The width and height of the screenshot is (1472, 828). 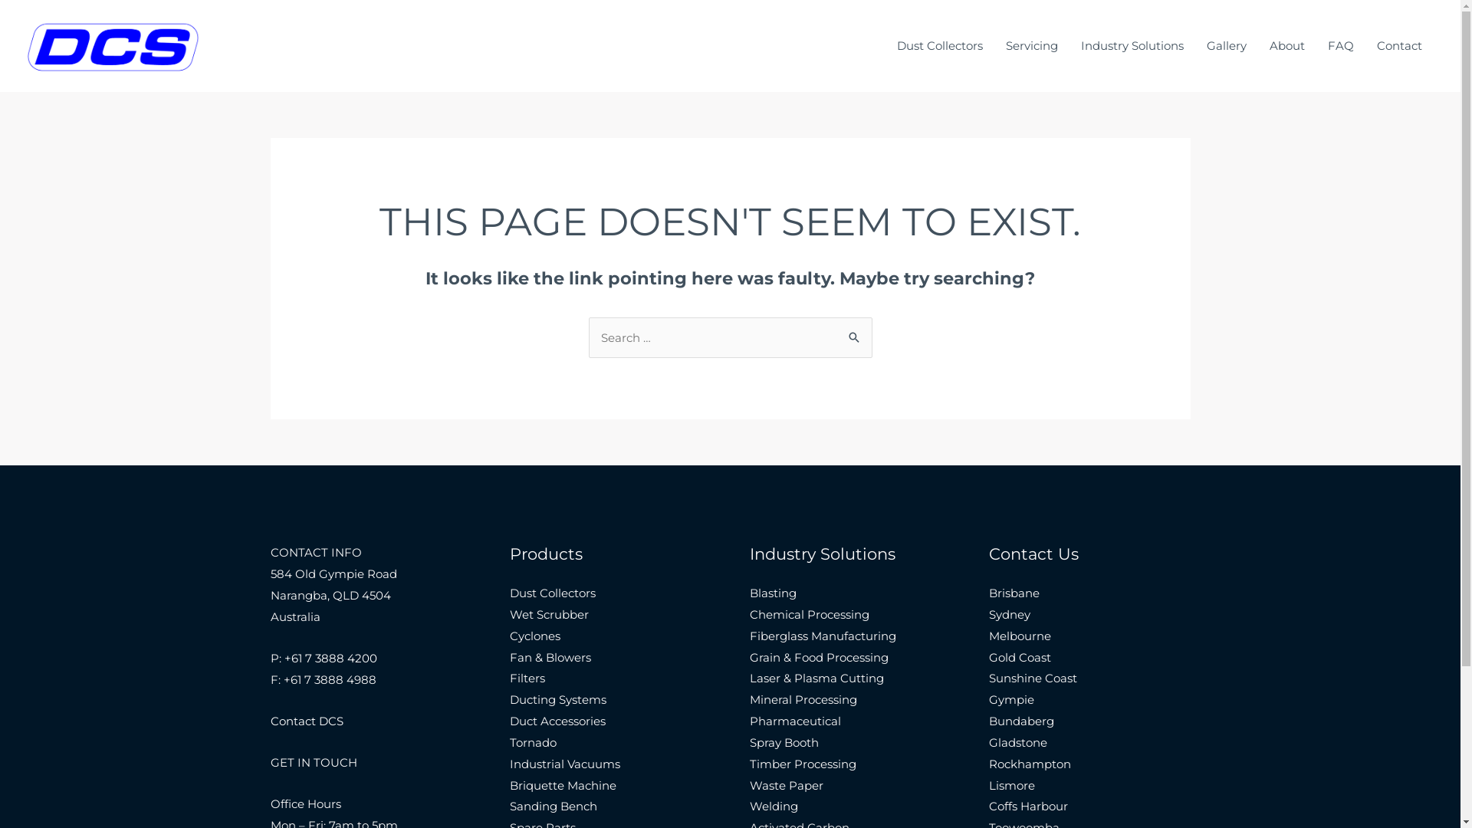 I want to click on '+61 7 3888 4200', so click(x=329, y=657).